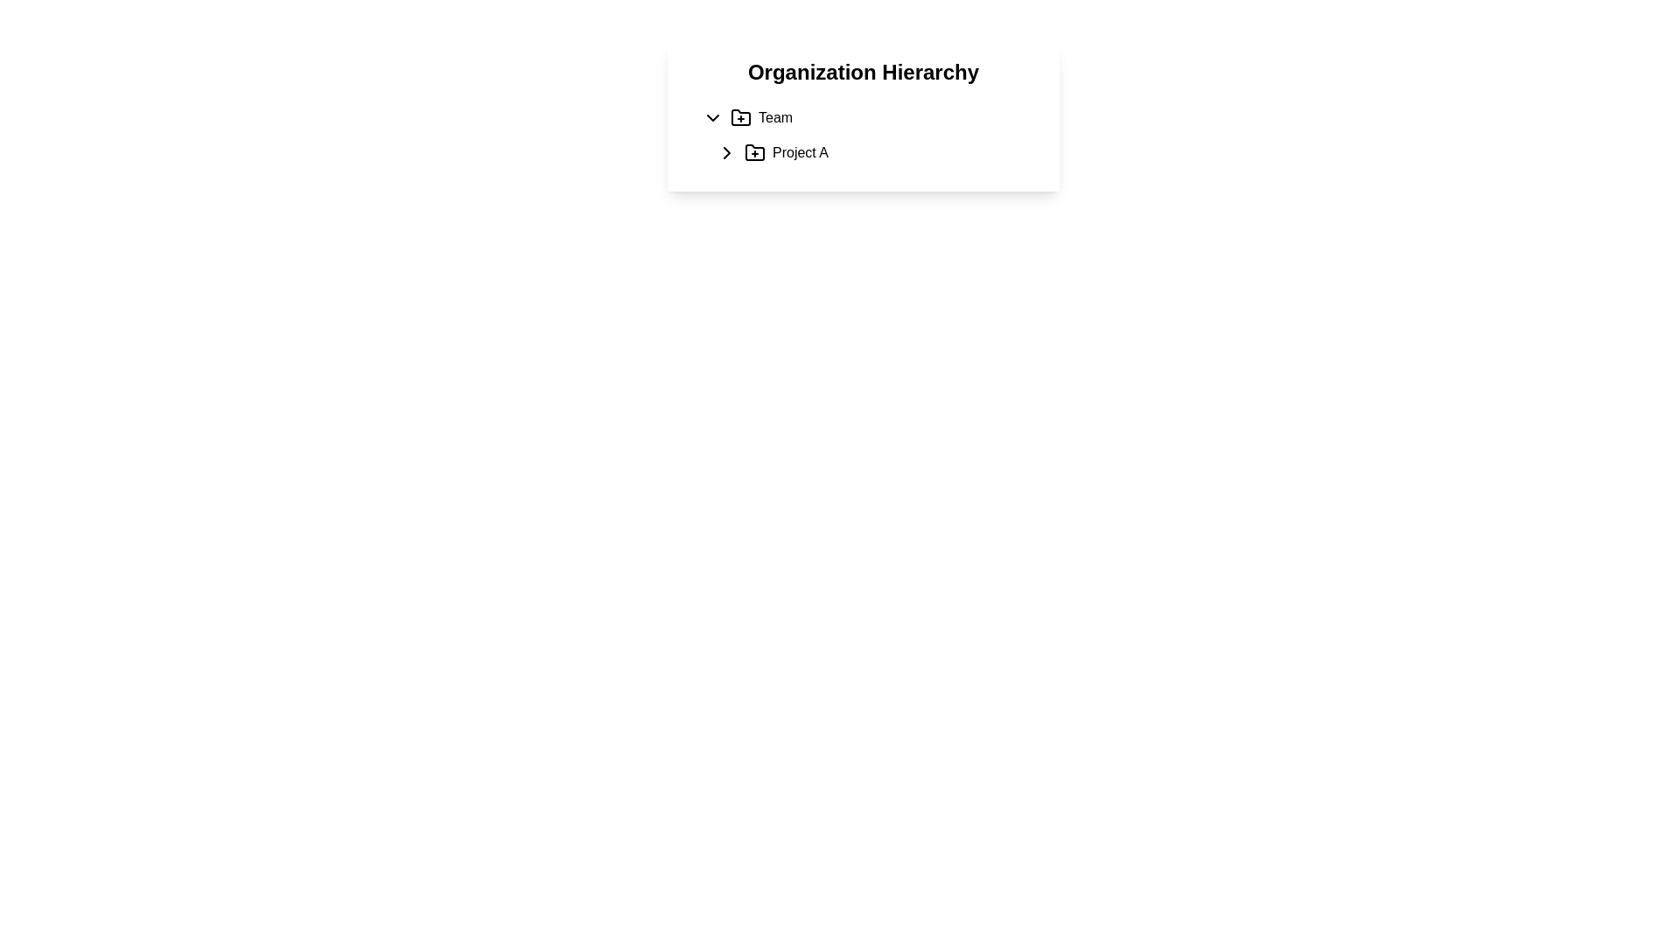 The height and width of the screenshot is (945, 1680). Describe the element at coordinates (800, 151) in the screenshot. I see `the text label 'Project A' which is positioned next to a folder icon and an expandable arrow indicator within the 'Organization Hierarchy' interface, specifically under the 'Team' section` at that location.